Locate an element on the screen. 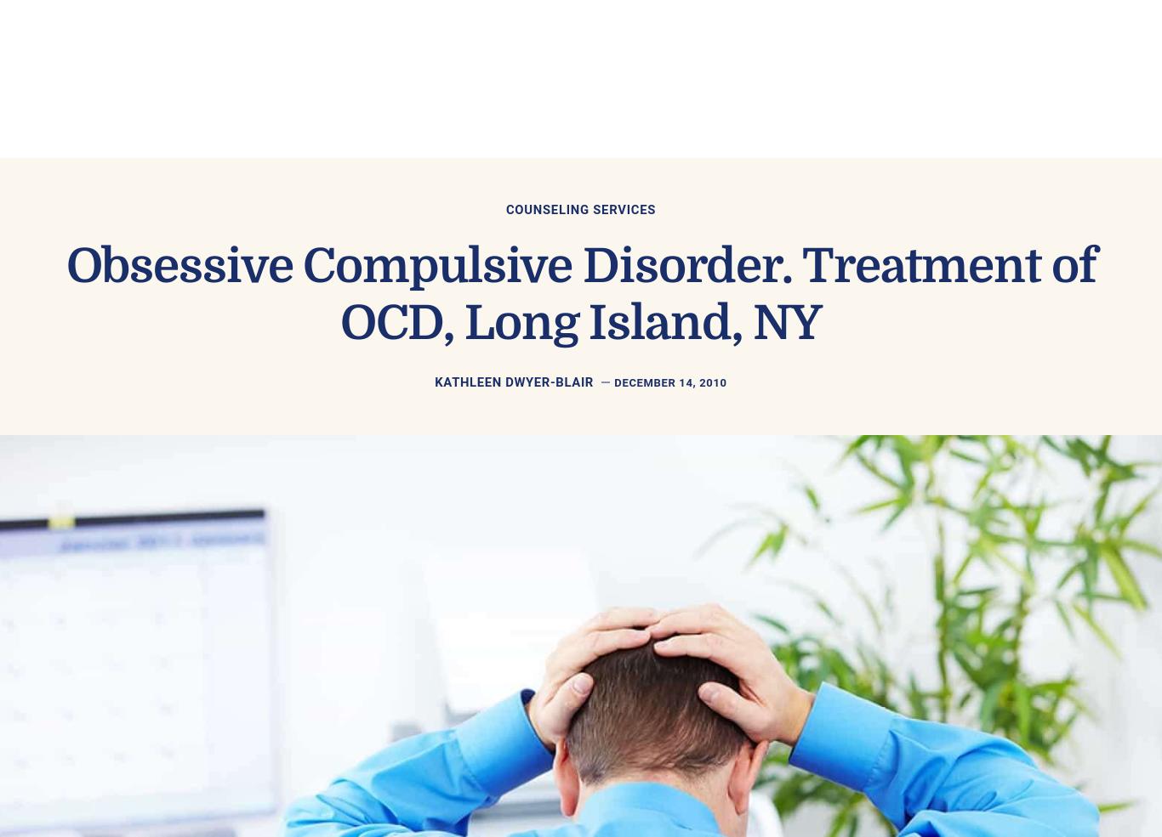  'Email' is located at coordinates (317, 535).